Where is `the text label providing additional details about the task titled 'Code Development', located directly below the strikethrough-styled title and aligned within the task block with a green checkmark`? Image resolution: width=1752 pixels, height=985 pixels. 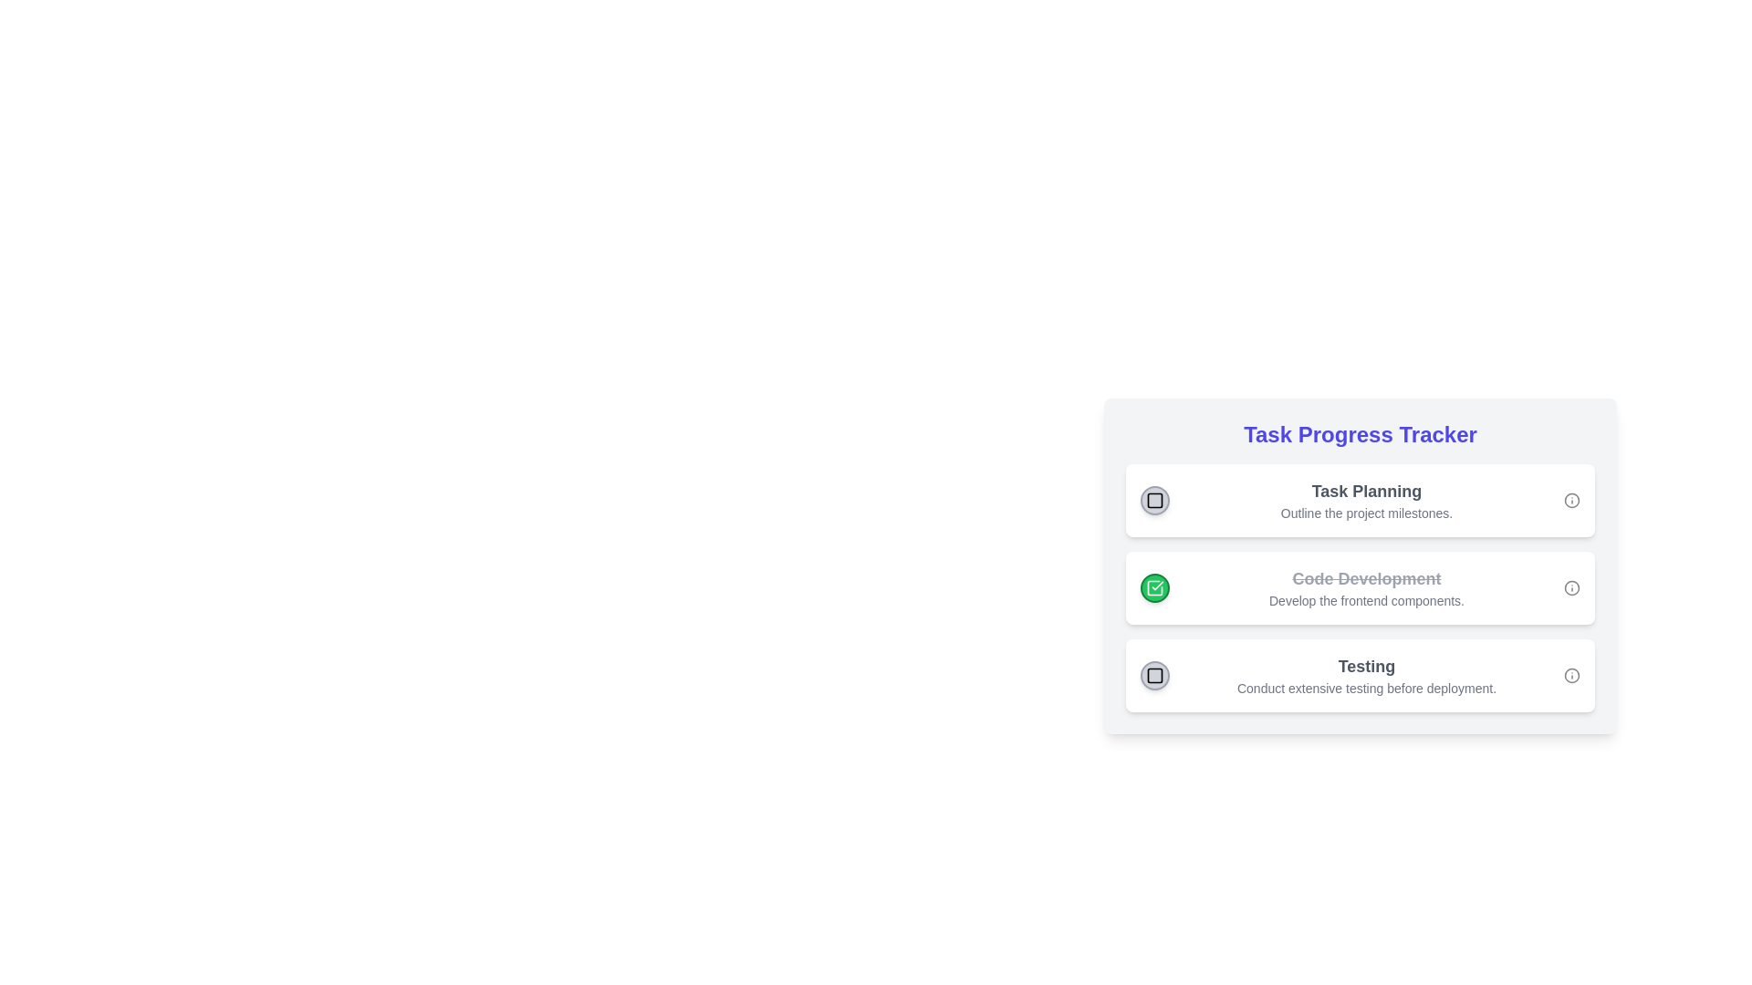
the text label providing additional details about the task titled 'Code Development', located directly below the strikethrough-styled title and aligned within the task block with a green checkmark is located at coordinates (1366, 601).